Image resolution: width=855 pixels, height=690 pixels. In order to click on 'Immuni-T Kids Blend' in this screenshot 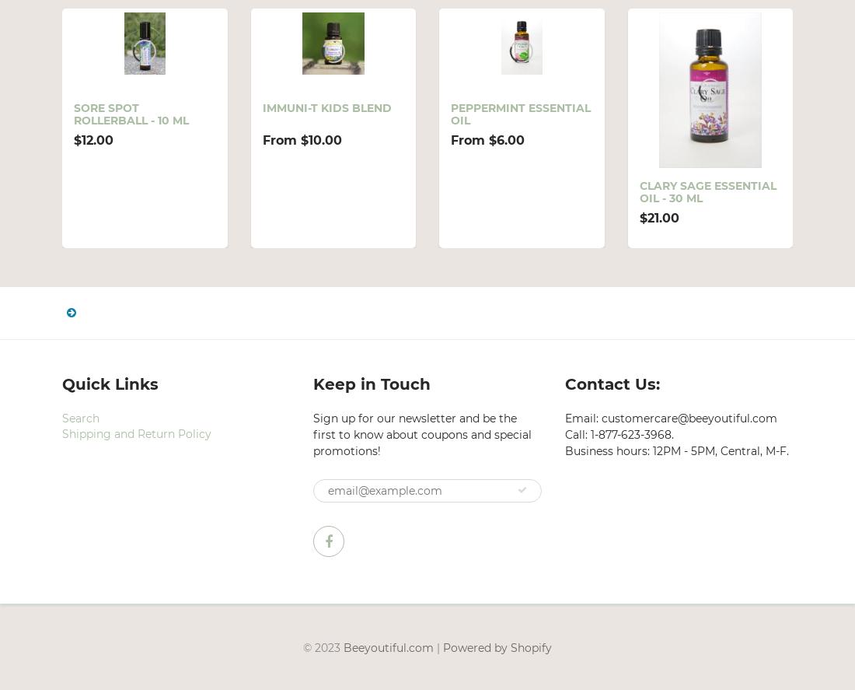, I will do `click(325, 107)`.